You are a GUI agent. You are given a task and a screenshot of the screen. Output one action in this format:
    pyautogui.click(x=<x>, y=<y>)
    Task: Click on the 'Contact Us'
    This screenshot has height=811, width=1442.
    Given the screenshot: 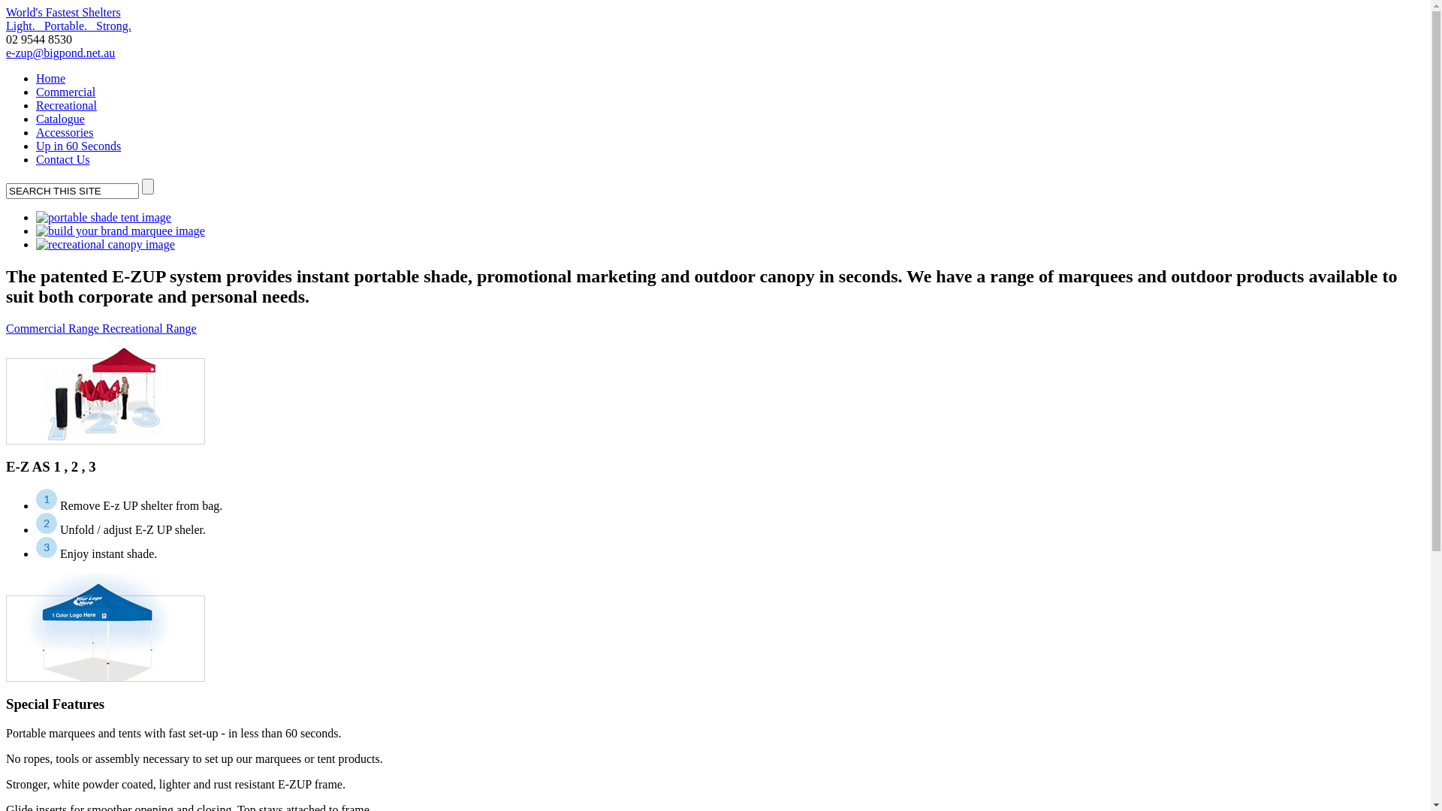 What is the action you would take?
    pyautogui.click(x=62, y=159)
    